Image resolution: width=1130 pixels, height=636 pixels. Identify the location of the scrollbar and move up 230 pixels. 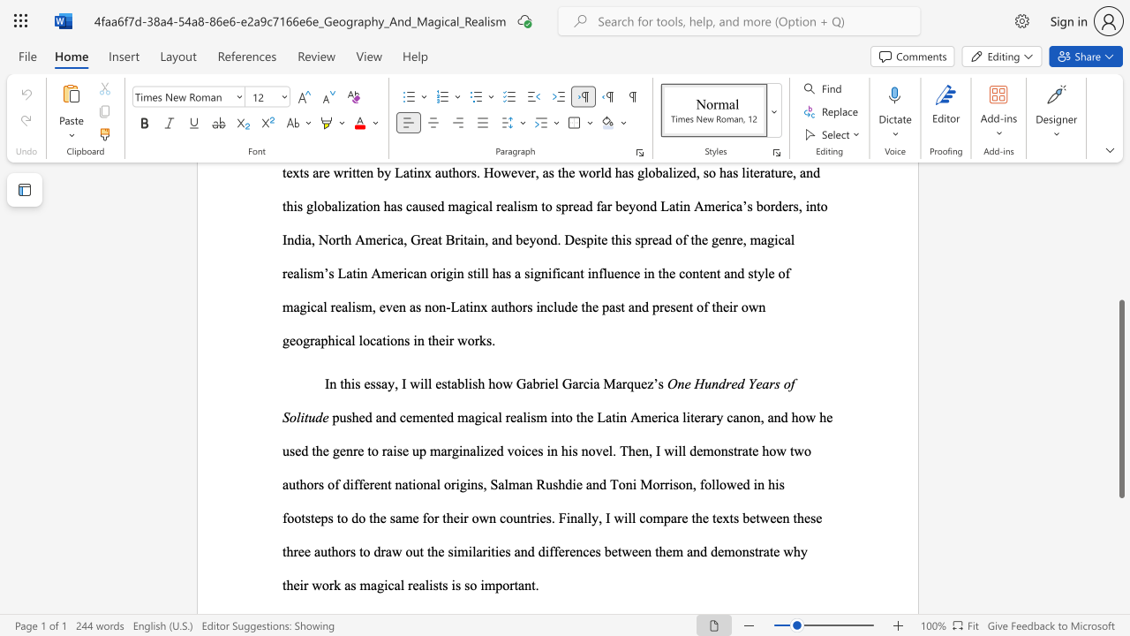
(1120, 399).